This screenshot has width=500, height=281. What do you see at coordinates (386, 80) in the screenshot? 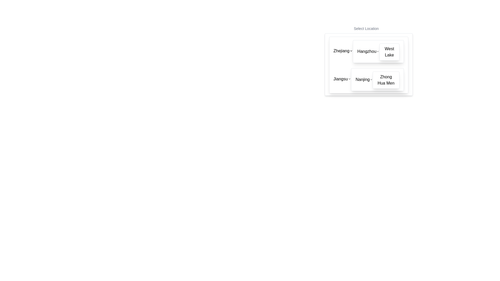
I see `the text label 'Zhong Hua Men' within the clickable card located in the lower section of the menu` at bounding box center [386, 80].